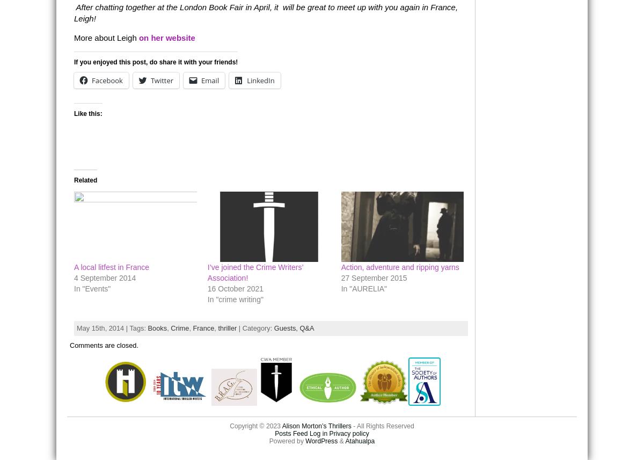 This screenshot has height=460, width=644. I want to click on 'LinkedIn', so click(260, 79).